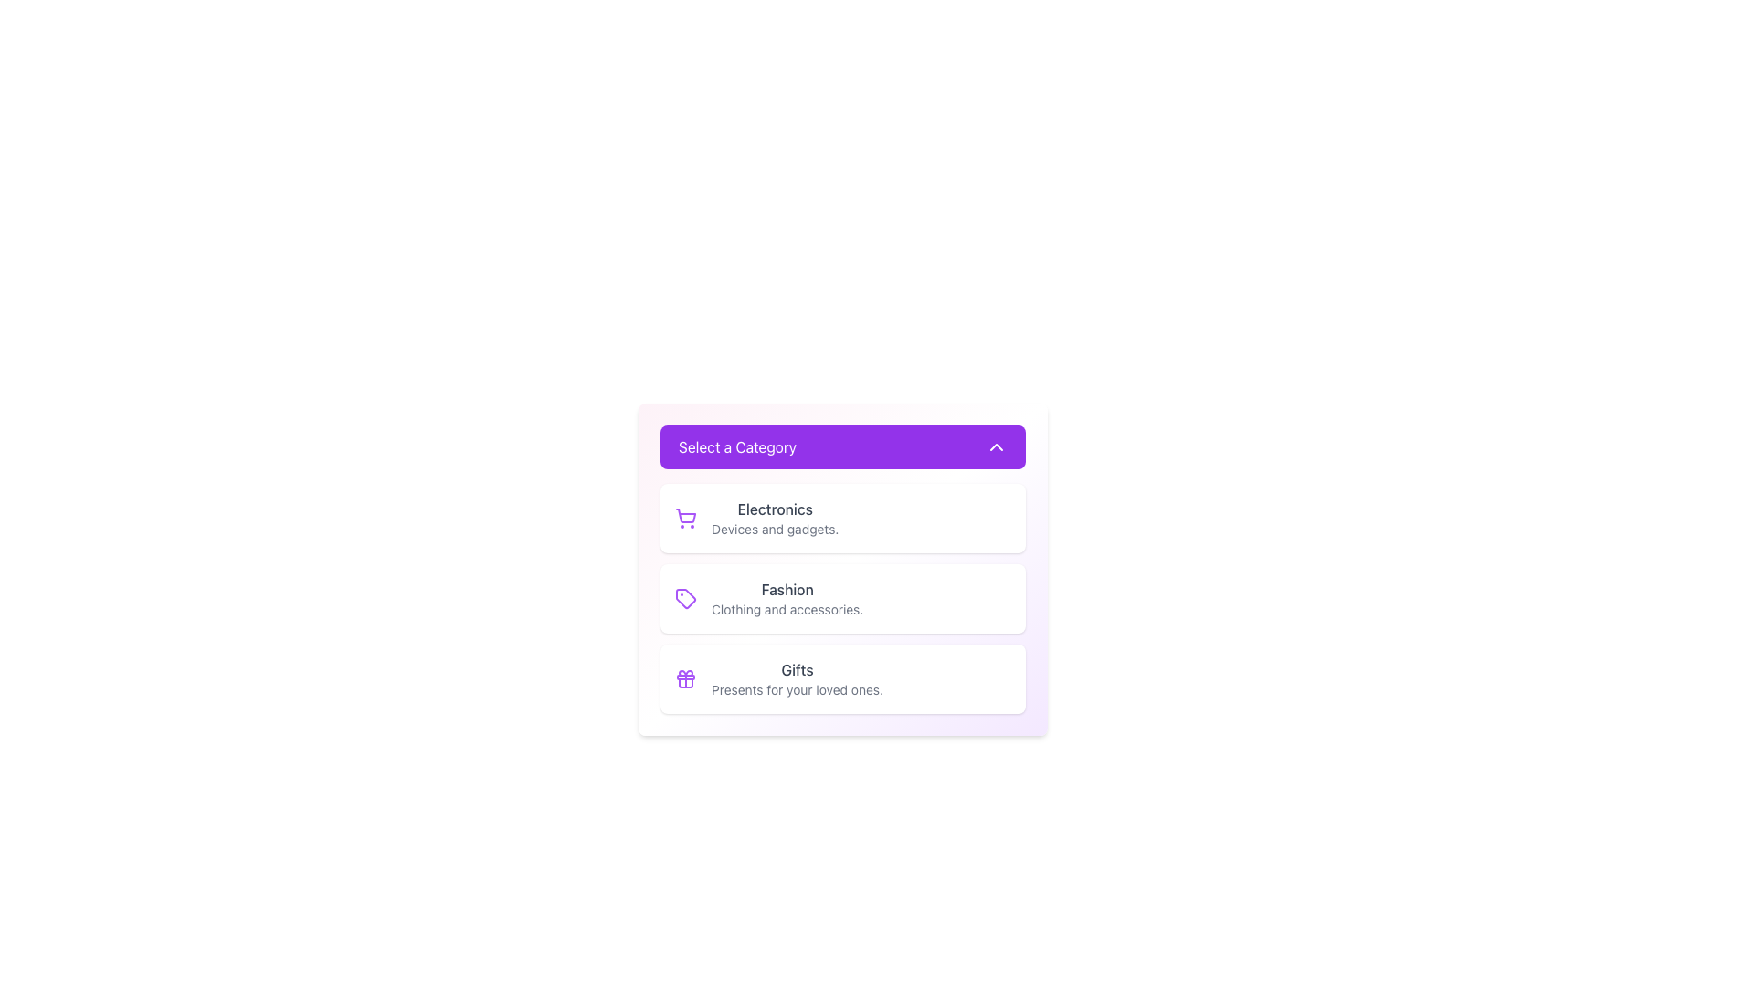  What do you see at coordinates (841, 569) in the screenshot?
I see `the second option in the selectable list to choose the 'Fashion' category` at bounding box center [841, 569].